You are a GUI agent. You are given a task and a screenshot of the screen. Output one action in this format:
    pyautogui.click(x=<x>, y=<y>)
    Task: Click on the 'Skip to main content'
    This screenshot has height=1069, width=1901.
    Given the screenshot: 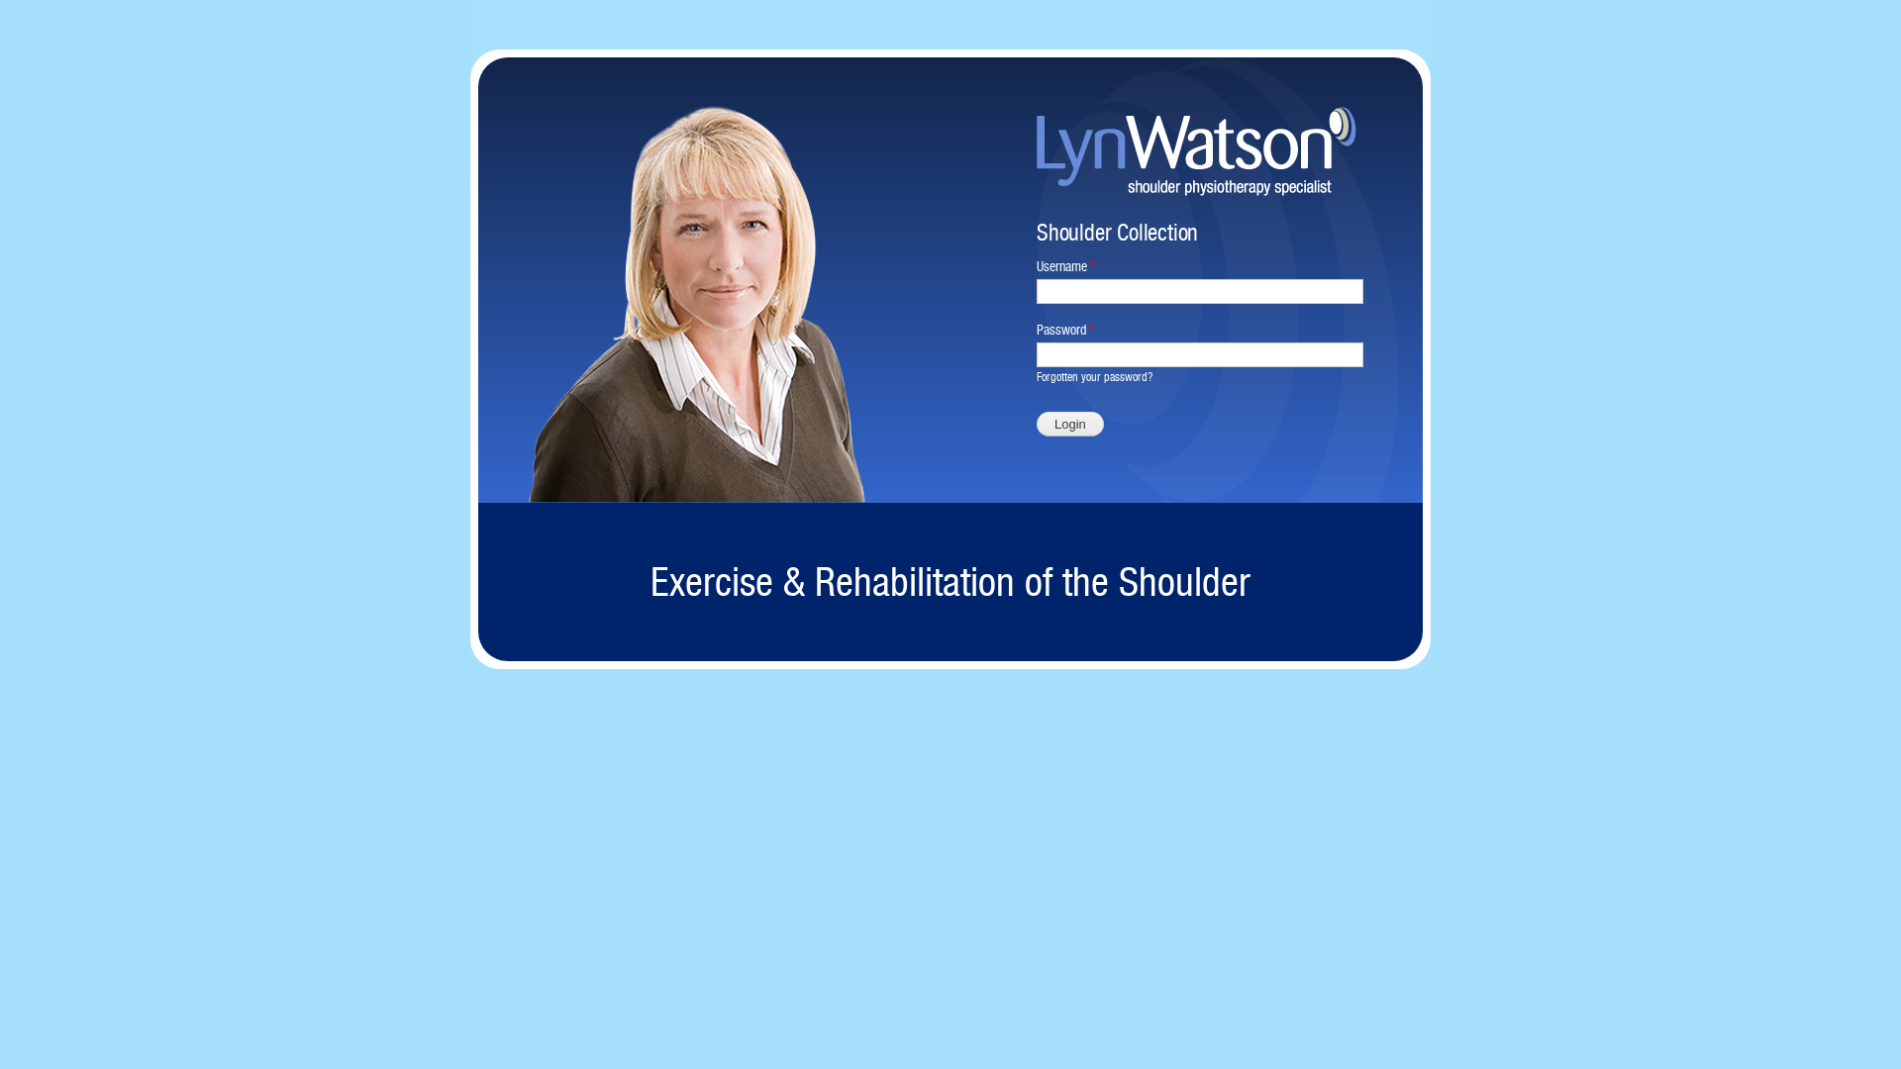 What is the action you would take?
    pyautogui.click(x=907, y=2)
    